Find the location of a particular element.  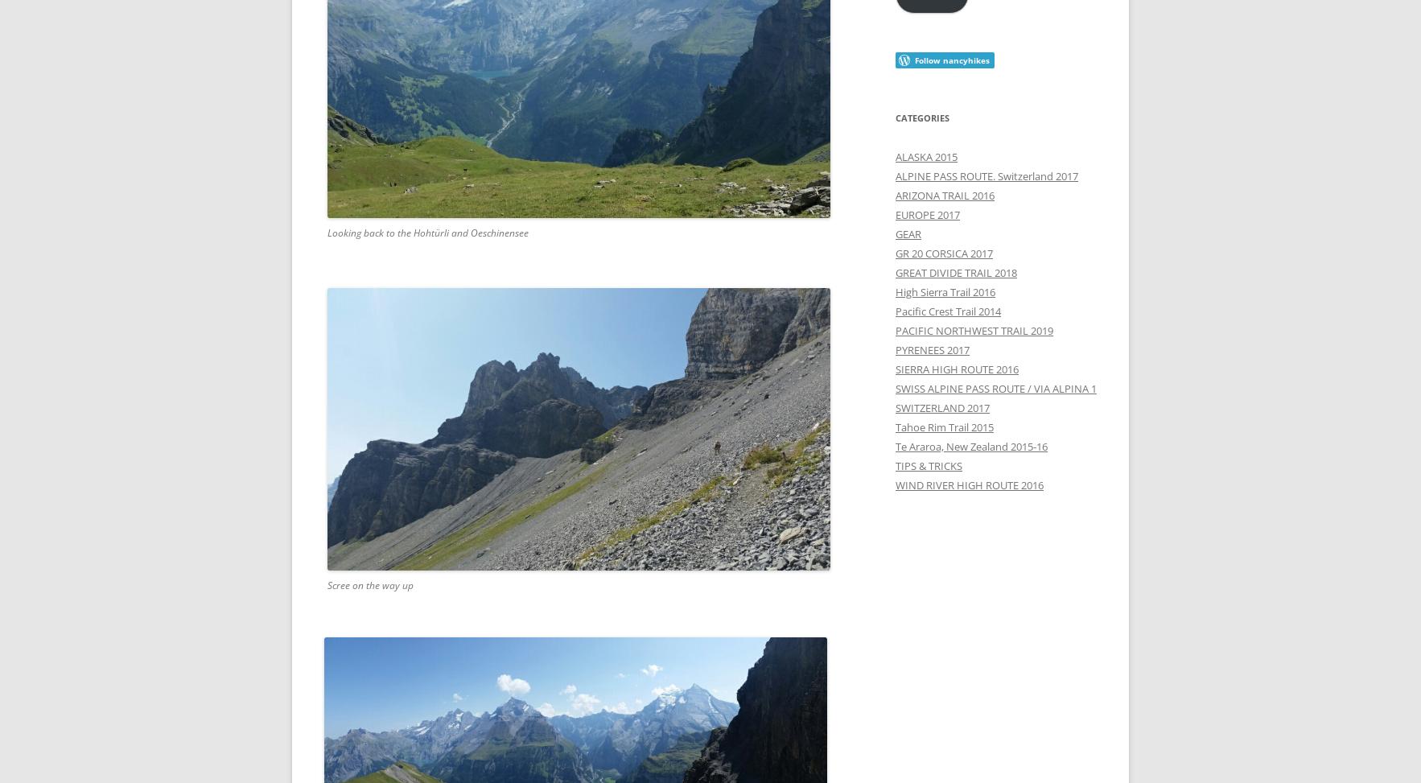

'Te Araroa, New Zealand 2015-16' is located at coordinates (970, 445).